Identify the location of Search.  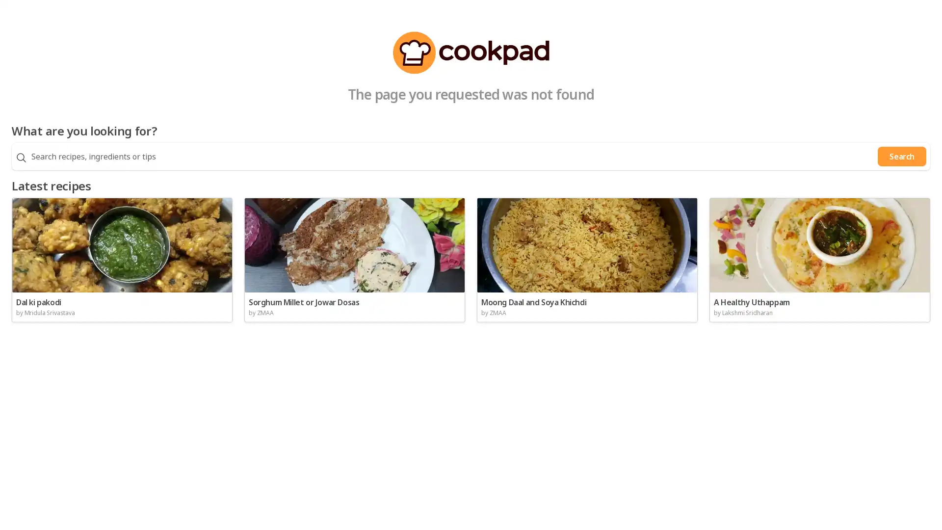
(902, 156).